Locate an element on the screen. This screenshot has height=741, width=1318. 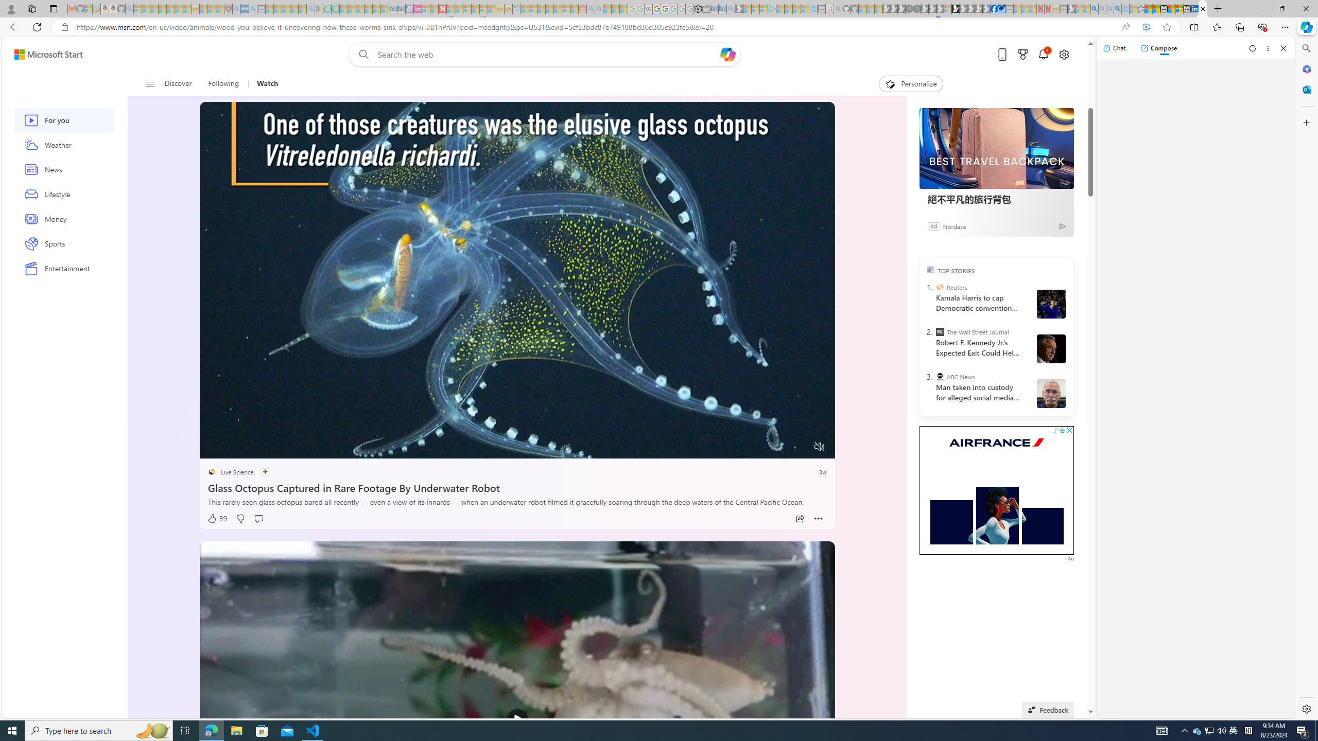
'Kinda Frugal - MSN - Sleeping' is located at coordinates (558, 8).